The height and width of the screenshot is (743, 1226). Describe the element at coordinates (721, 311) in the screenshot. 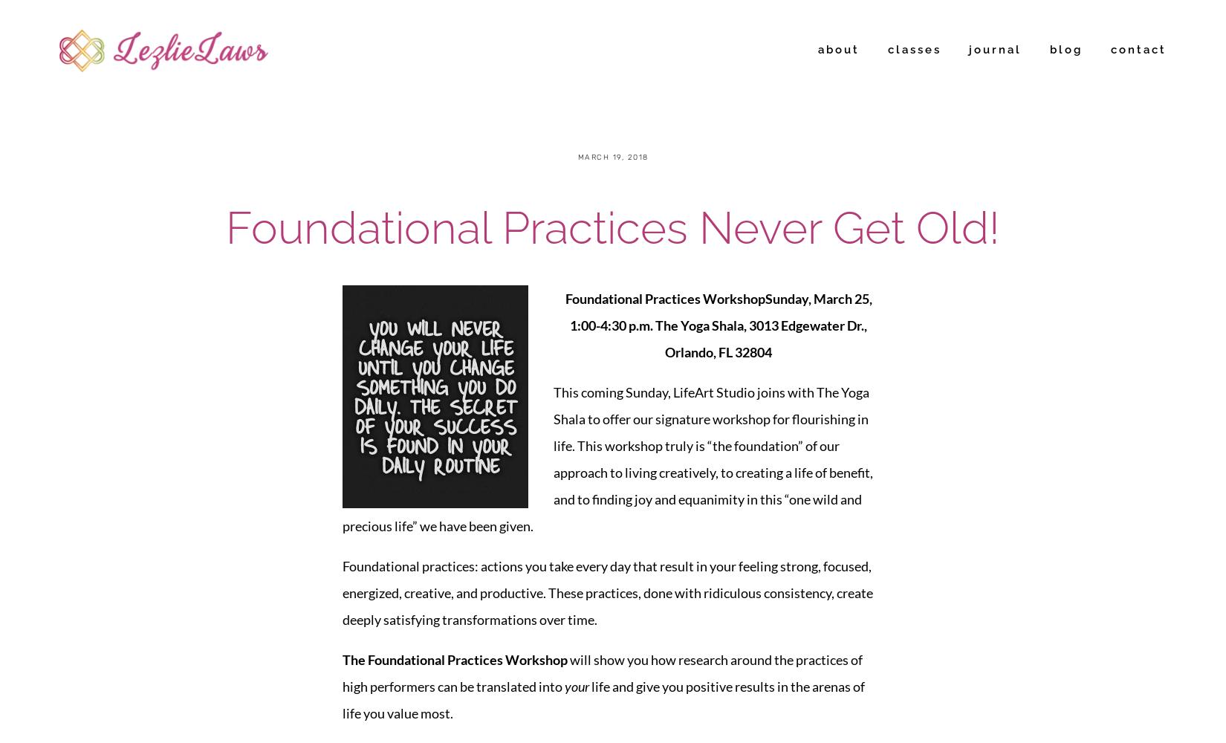

I see `'Sunday, March 25, 1:00-4:30 p.m.'` at that location.